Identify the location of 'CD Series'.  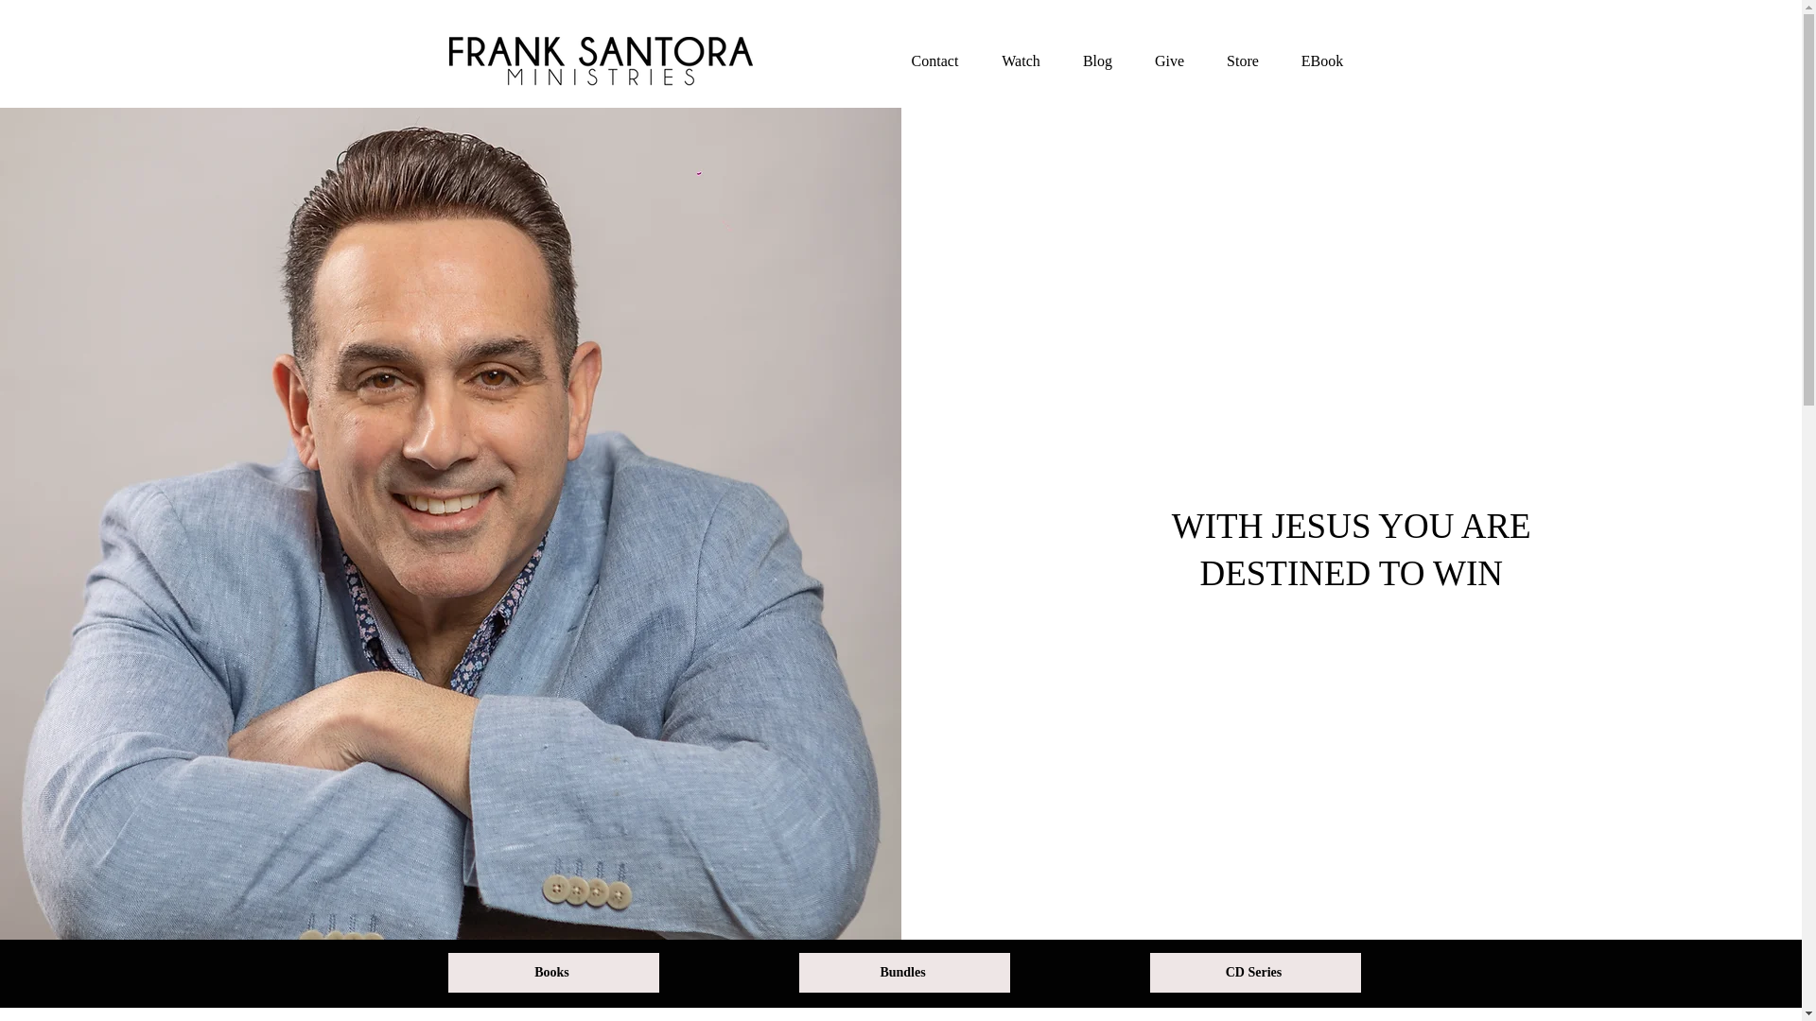
(1255, 973).